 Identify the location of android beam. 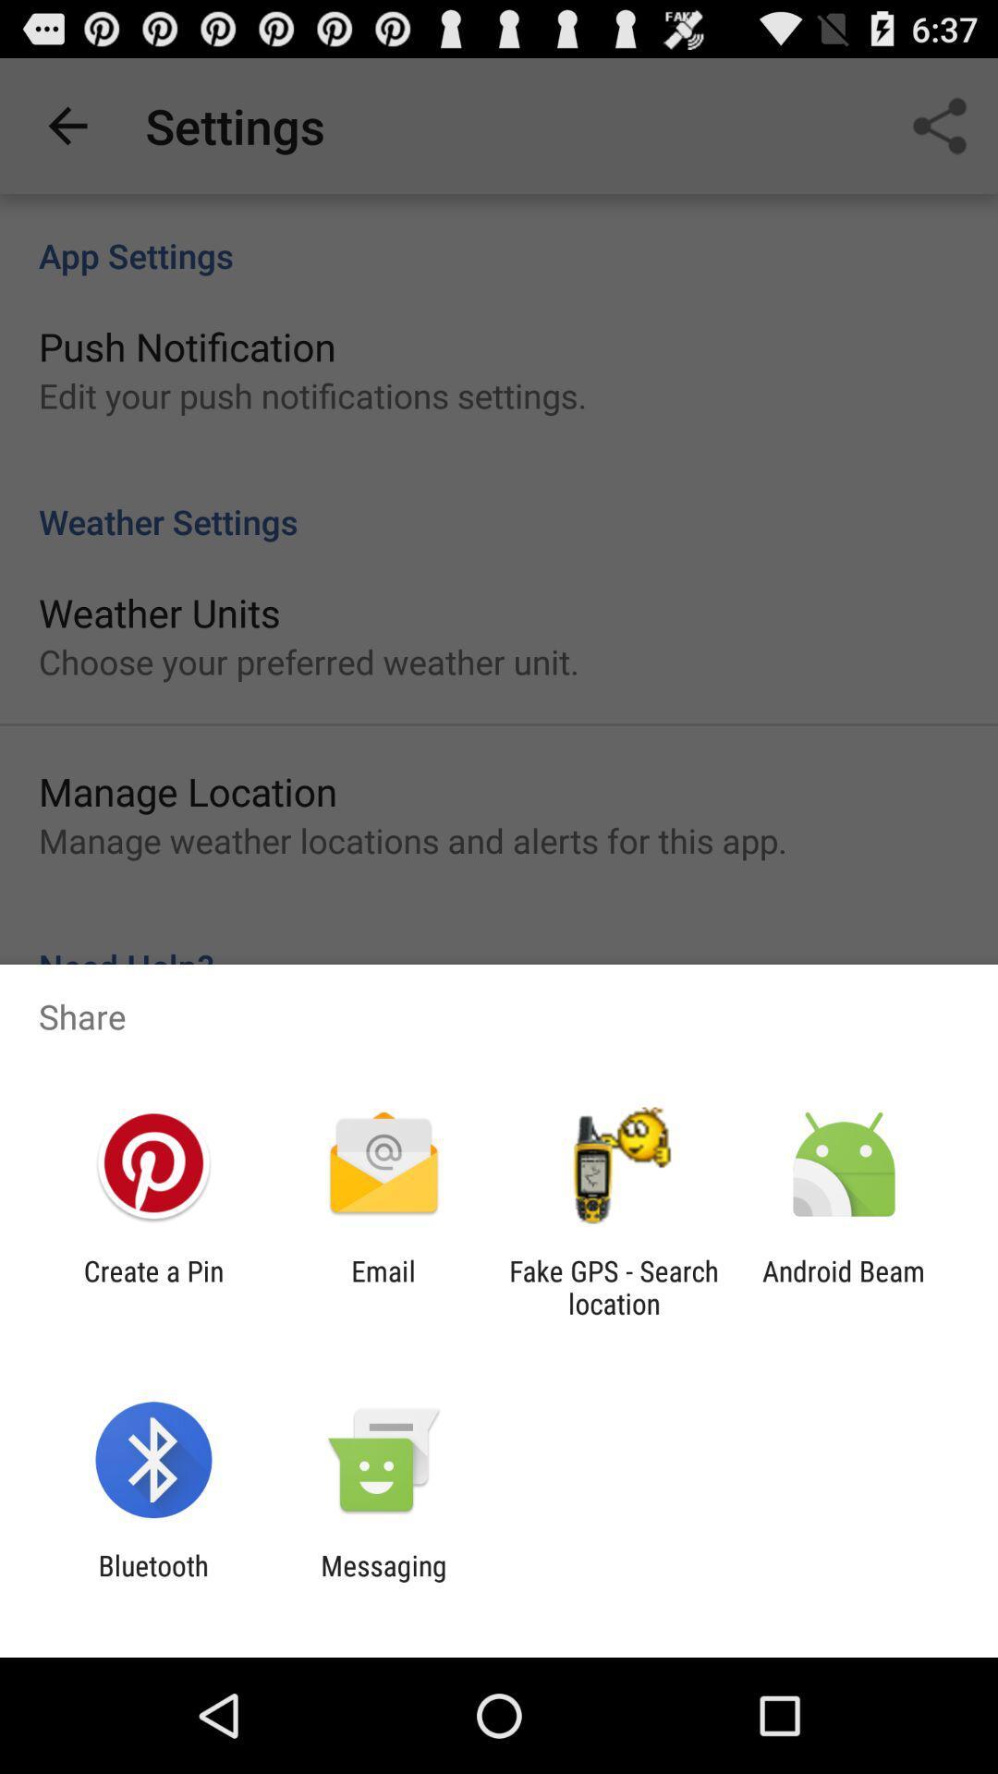
(844, 1286).